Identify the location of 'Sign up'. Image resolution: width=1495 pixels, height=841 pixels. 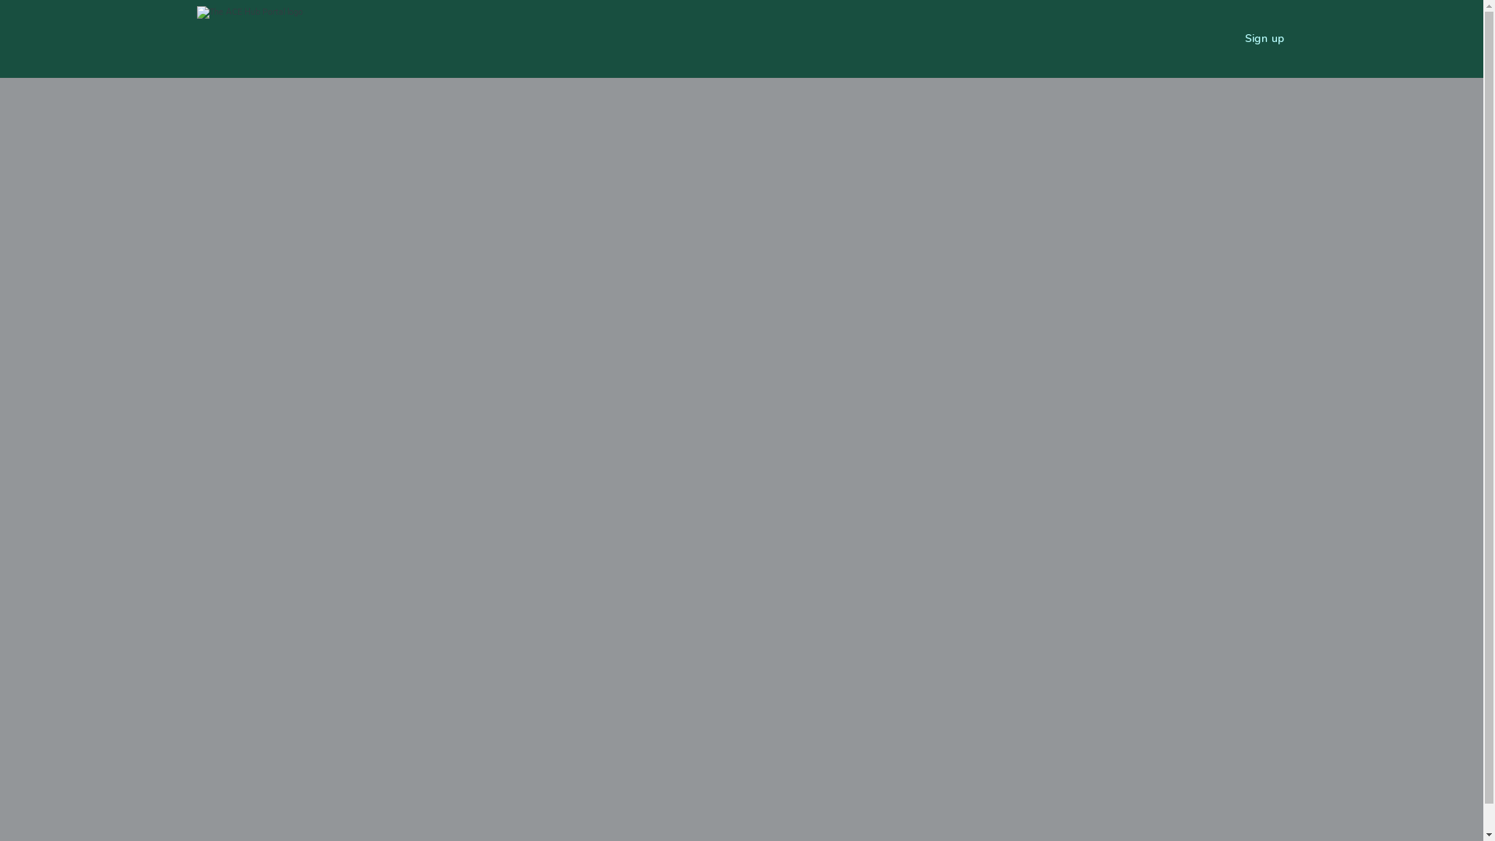
(1265, 38).